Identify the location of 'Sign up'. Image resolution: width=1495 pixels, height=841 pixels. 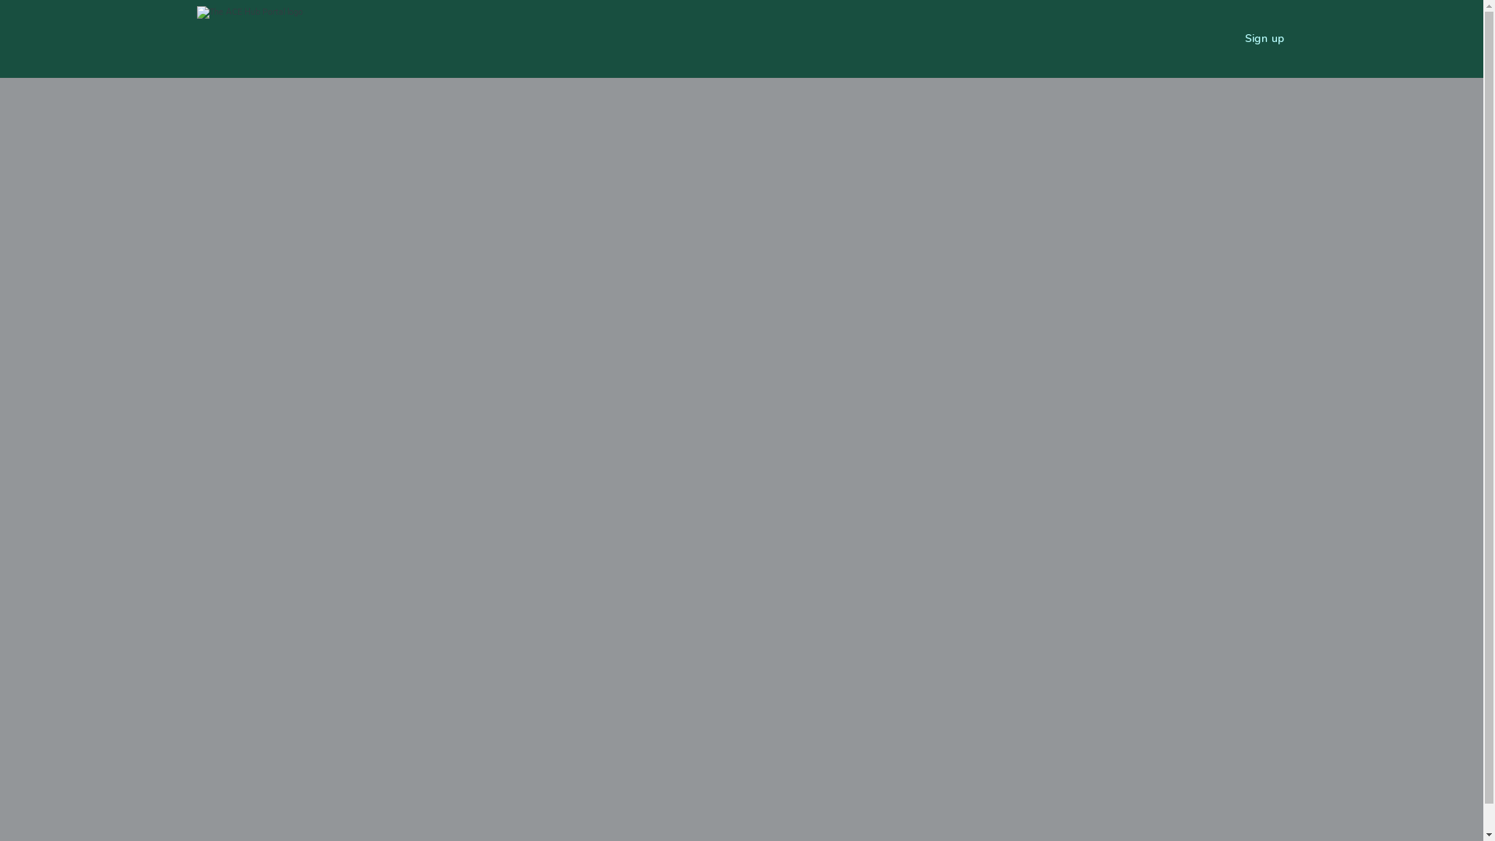
(1265, 38).